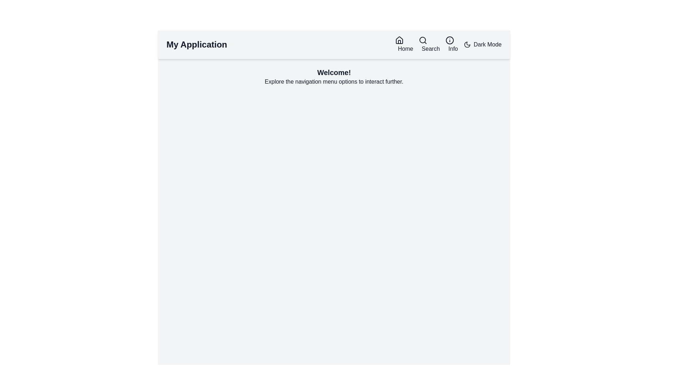 Image resolution: width=686 pixels, height=386 pixels. What do you see at coordinates (451, 44) in the screenshot?
I see `the circular 'Info' button with an 'i' icon to trigger the tooltip or visual effect` at bounding box center [451, 44].